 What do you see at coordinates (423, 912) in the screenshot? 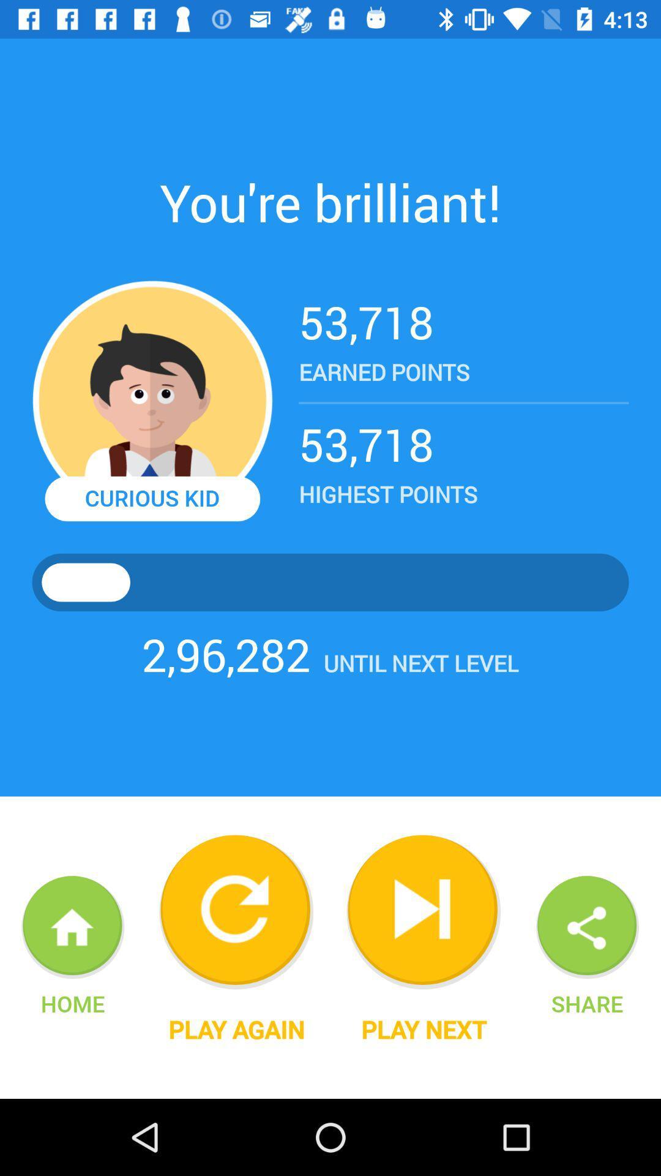
I see `next button` at bounding box center [423, 912].